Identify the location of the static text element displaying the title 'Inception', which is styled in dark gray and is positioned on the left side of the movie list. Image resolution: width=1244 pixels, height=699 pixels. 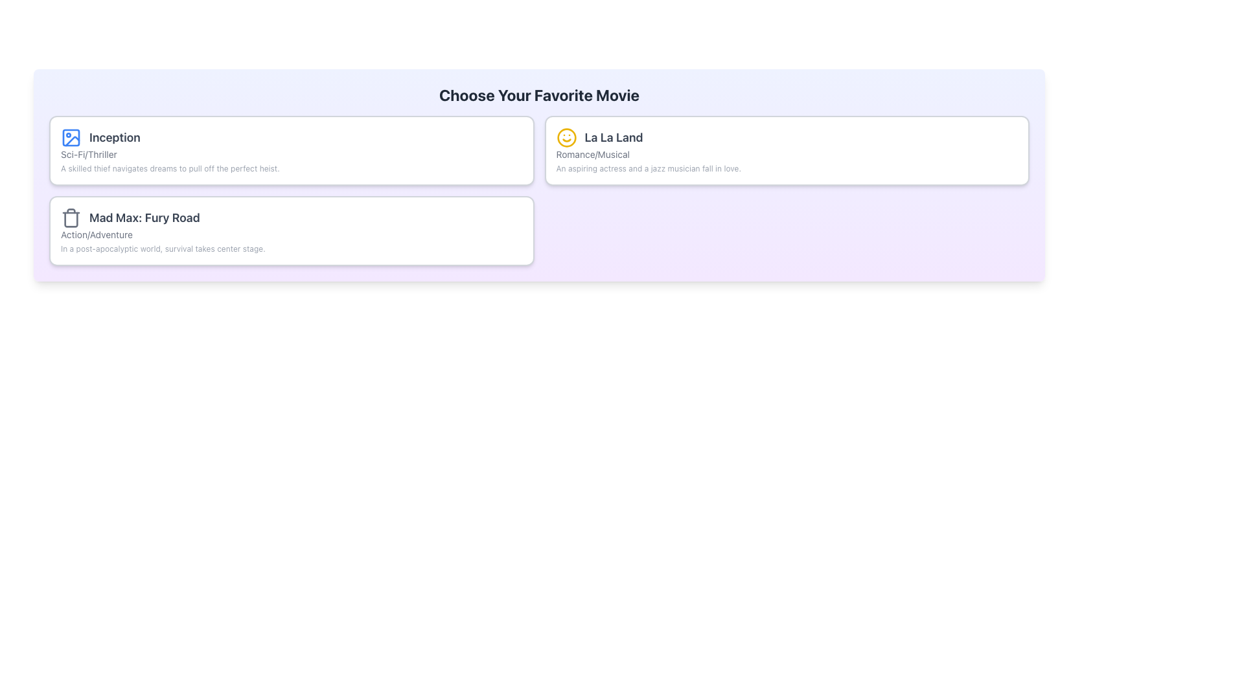
(115, 137).